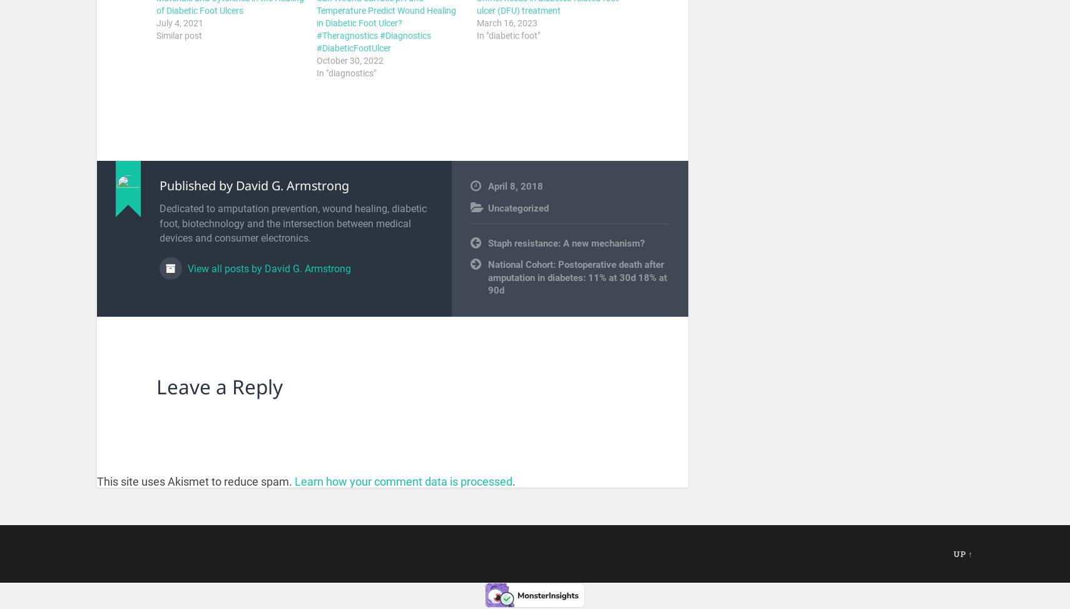 The image size is (1070, 609). Describe the element at coordinates (518, 207) in the screenshot. I see `'Uncategorized'` at that location.